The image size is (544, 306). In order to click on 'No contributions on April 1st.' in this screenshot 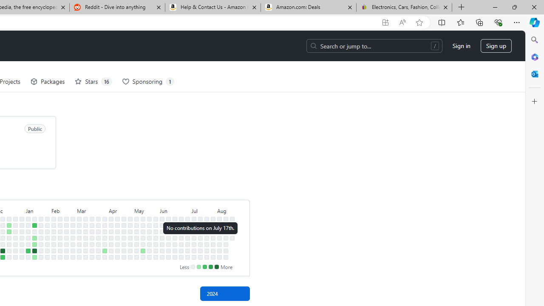, I will do `click(104, 224)`.